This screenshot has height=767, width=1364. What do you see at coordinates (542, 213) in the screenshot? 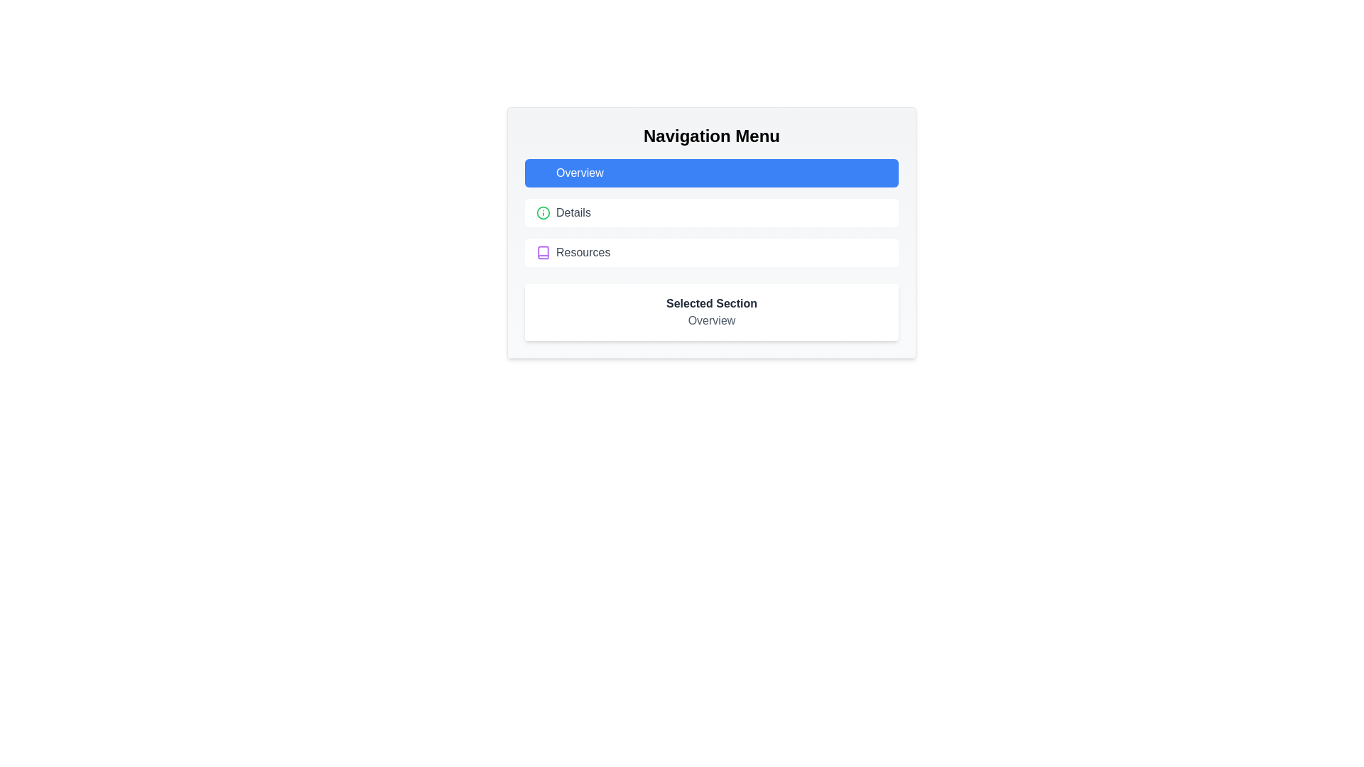
I see `the circular icon in the 'Details' navigation menu, which is part of a vertically stacked menu including 'Overview' and 'Resources'` at bounding box center [542, 213].